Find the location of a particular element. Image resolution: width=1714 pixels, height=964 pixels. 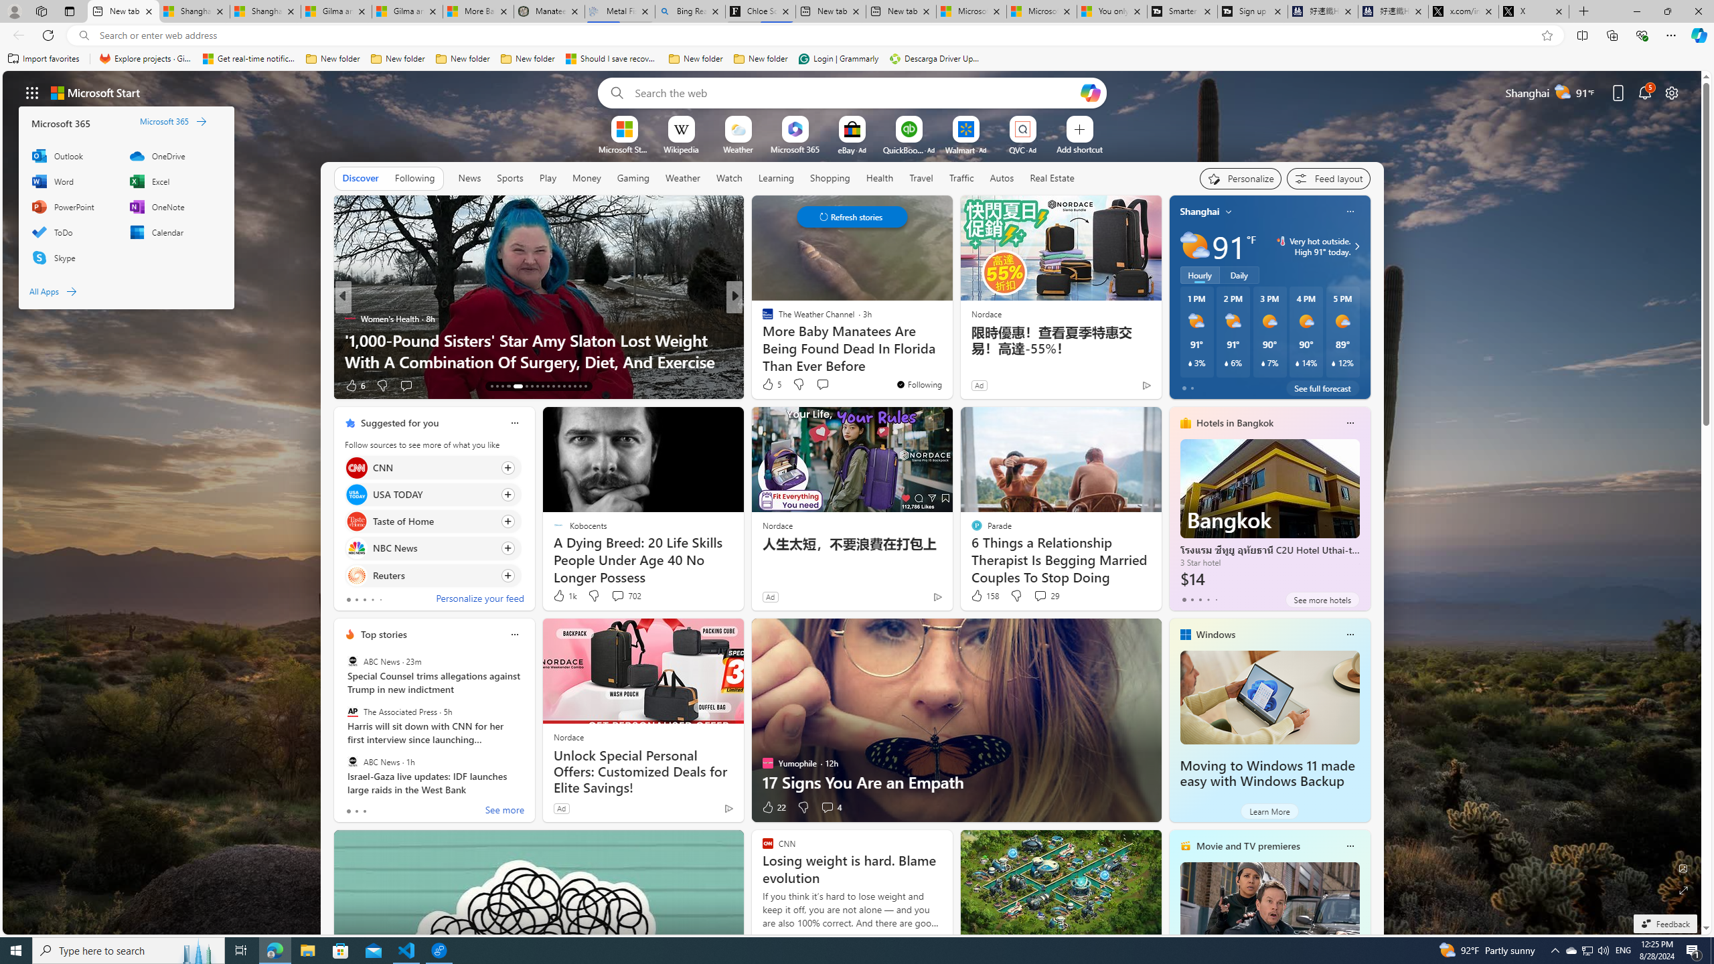

'146 Like' is located at coordinates (771, 385).